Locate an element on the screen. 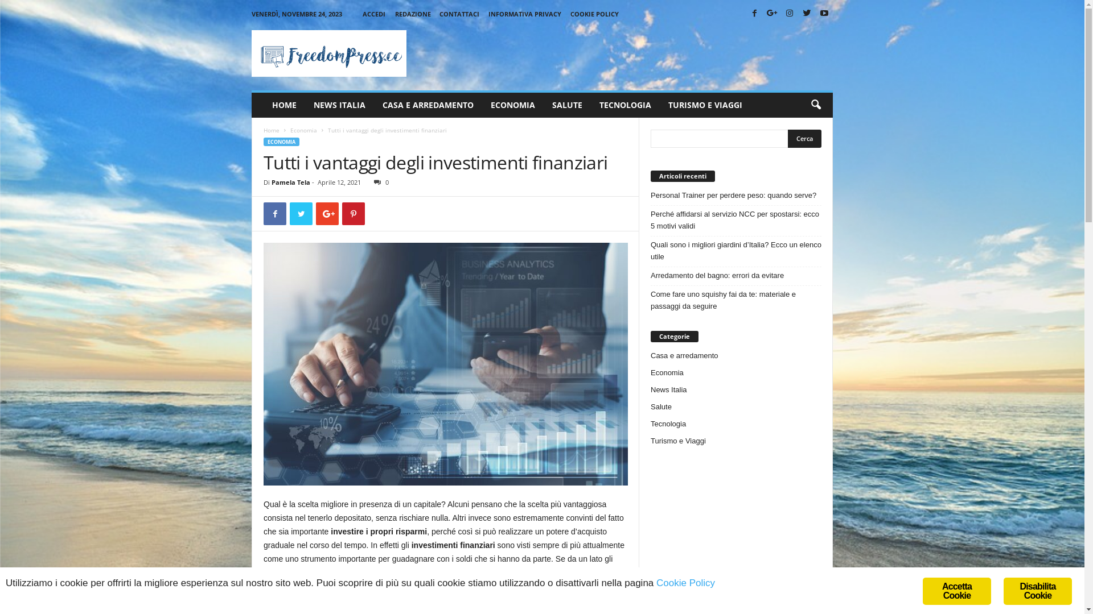  'Economia' is located at coordinates (303, 129).